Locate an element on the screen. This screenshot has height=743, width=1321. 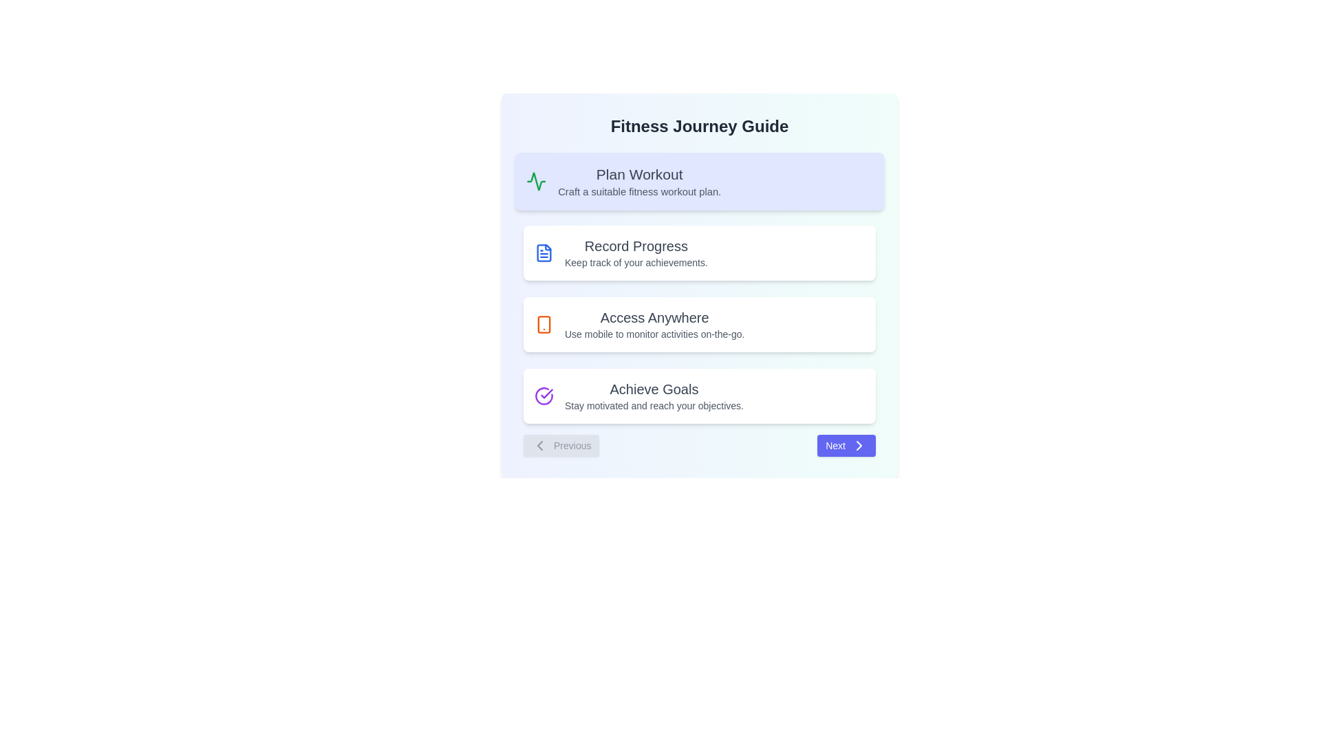
the Informative Text Block that describes the 'Record Progress' functionality, which is the second option in the vertical list of cards is located at coordinates (635, 252).